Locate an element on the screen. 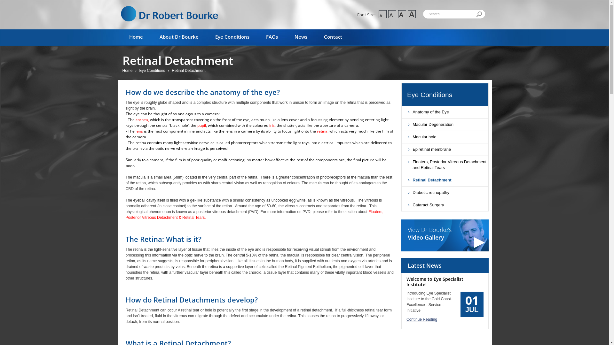 The height and width of the screenshot is (345, 614). 'FAQs' is located at coordinates (259, 37).